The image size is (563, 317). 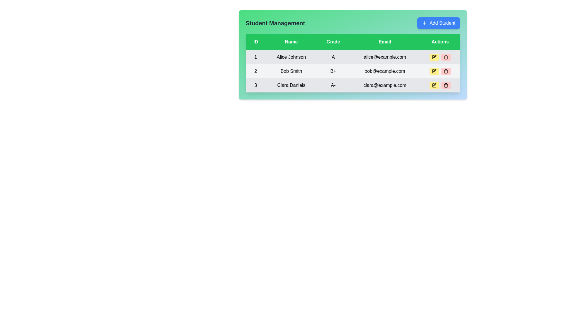 I want to click on the Text Label that indicates the column for grades, located between the 'Name' and 'Email' headers in the table layout, so click(x=333, y=41).